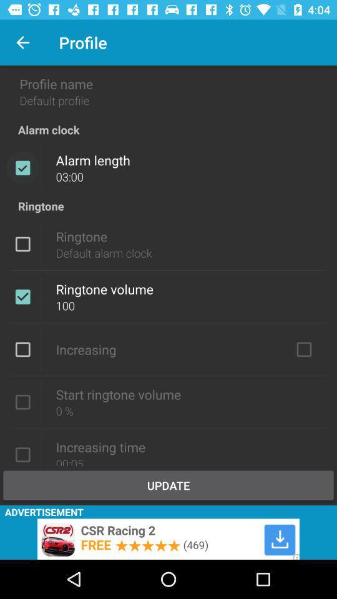 The width and height of the screenshot is (337, 599). I want to click on alarm, so click(22, 167).